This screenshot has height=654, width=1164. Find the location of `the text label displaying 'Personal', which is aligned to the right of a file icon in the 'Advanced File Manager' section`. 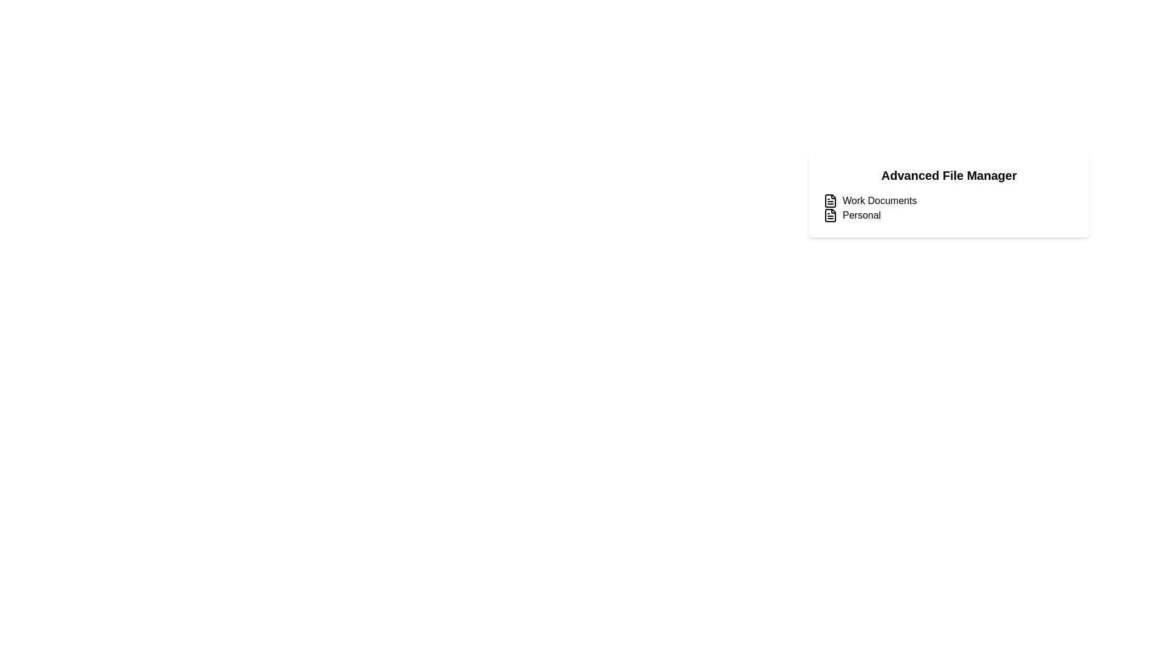

the text label displaying 'Personal', which is aligned to the right of a file icon in the 'Advanced File Manager' section is located at coordinates (861, 214).